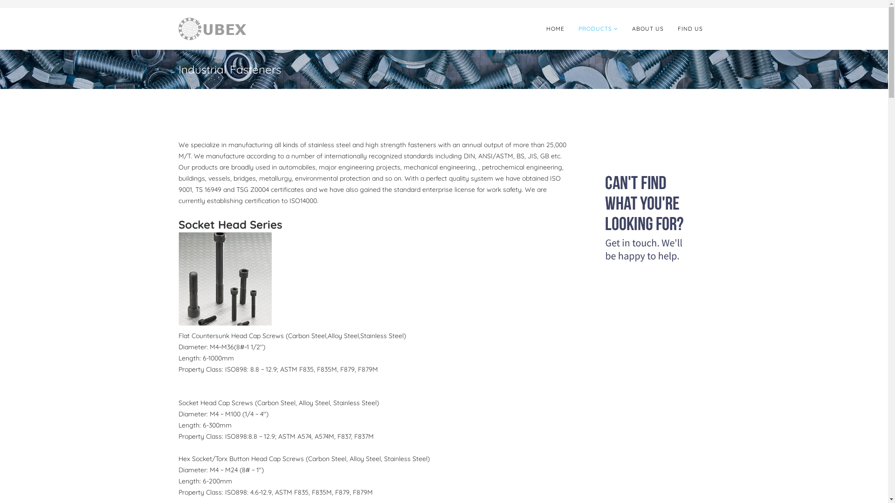 The image size is (895, 503). Describe the element at coordinates (670, 28) in the screenshot. I see `'FIND US'` at that location.